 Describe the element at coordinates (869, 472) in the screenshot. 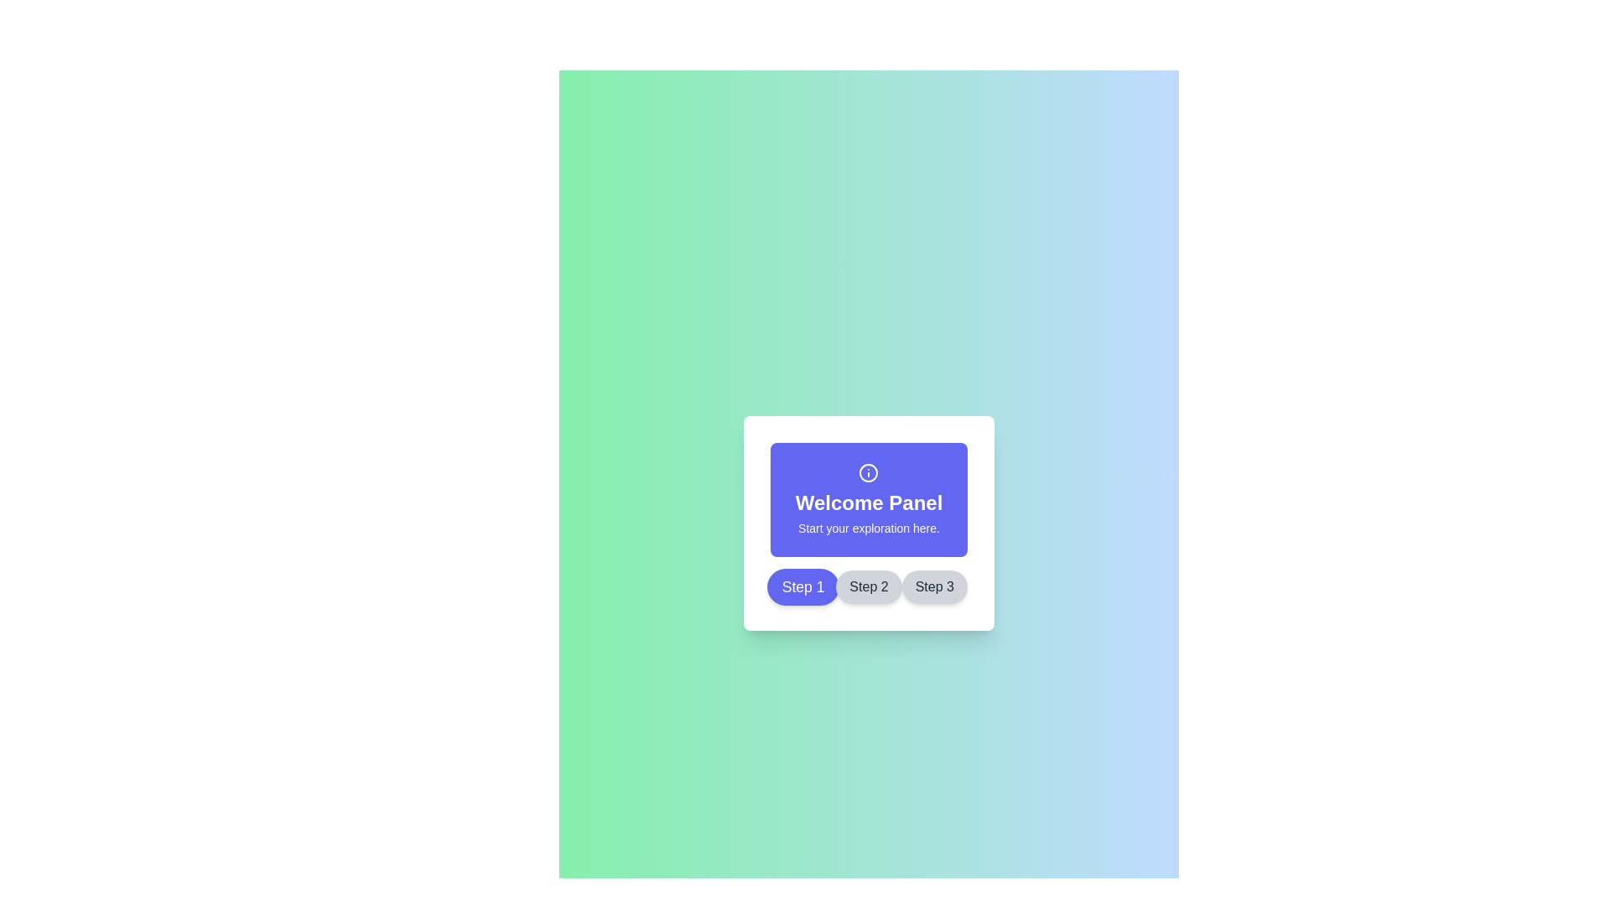

I see `the help-related icon located at the top section of the 'Welcome Panel' card, which indicates that information or assistance is available` at that location.